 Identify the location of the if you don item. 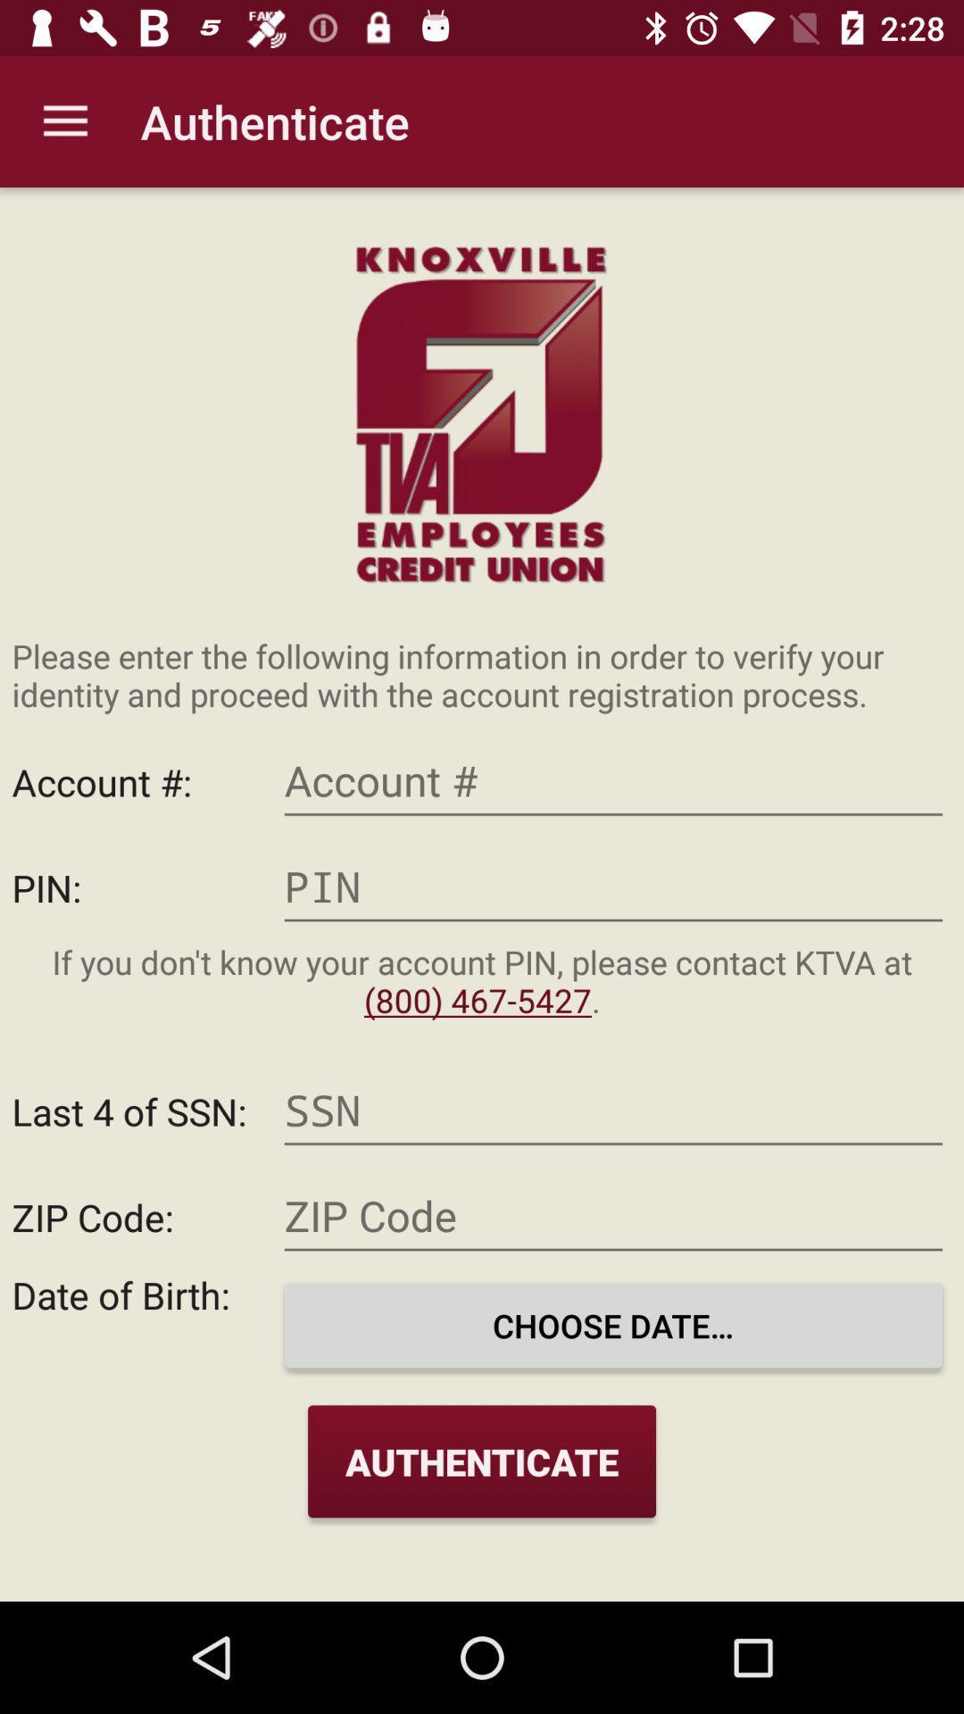
(482, 980).